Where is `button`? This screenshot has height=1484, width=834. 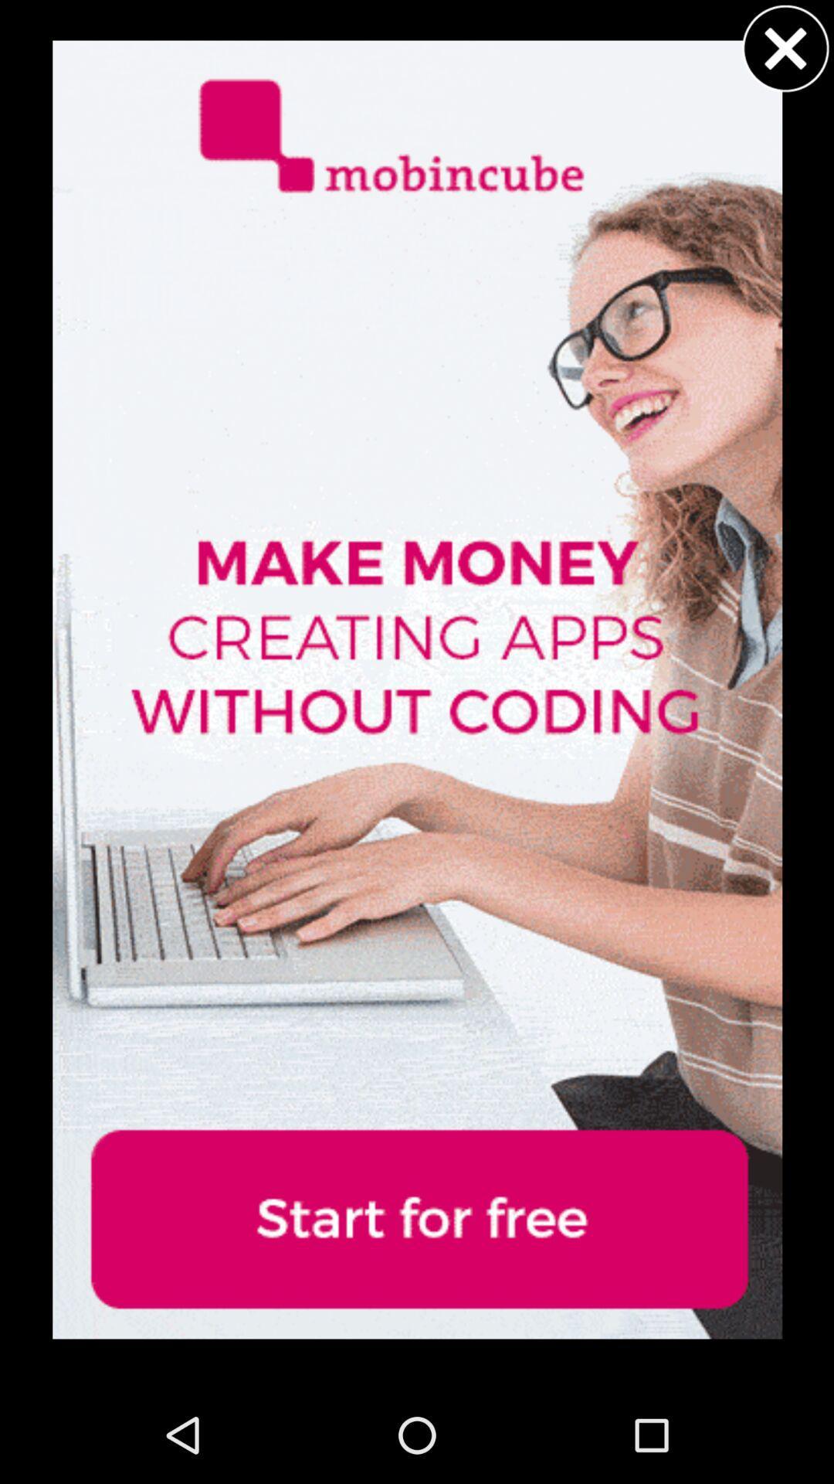
button is located at coordinates (785, 48).